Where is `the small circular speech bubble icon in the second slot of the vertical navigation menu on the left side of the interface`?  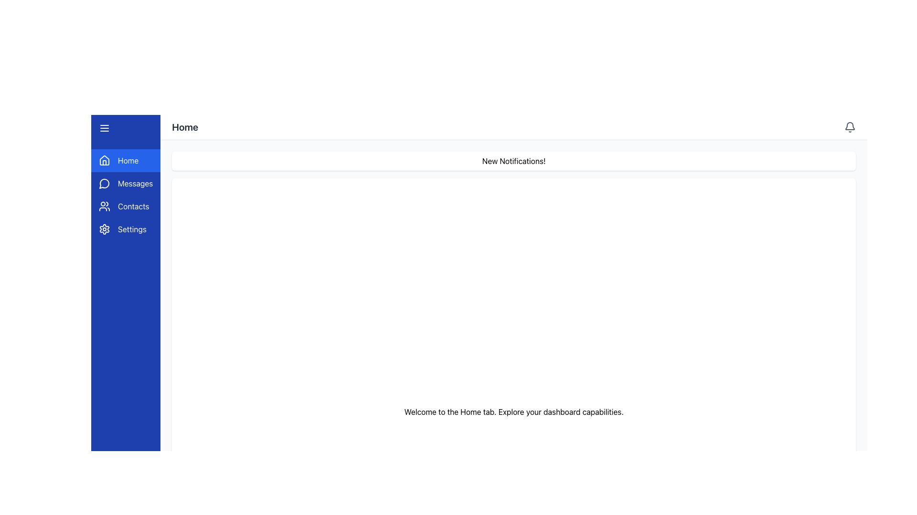 the small circular speech bubble icon in the second slot of the vertical navigation menu on the left side of the interface is located at coordinates (104, 184).